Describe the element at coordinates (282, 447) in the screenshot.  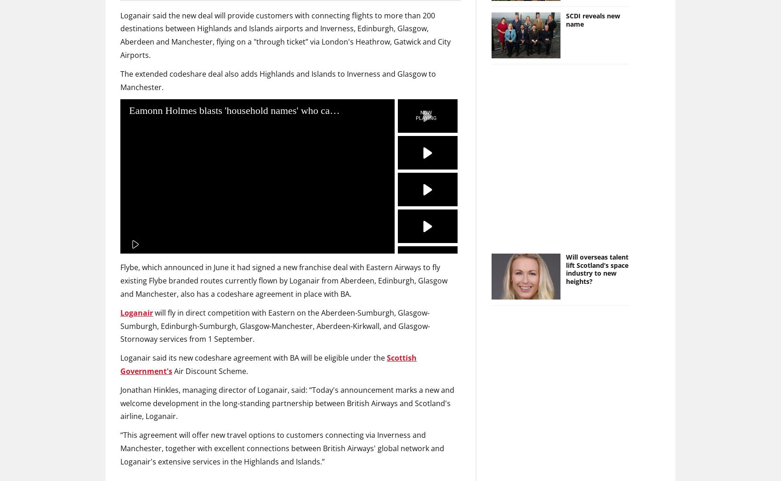
I see `'“This agreement will offer new travel options to customers connecting via Inverness and Manchester, together with excellent connections between British Airways' global network and Loganair's extensive services in the Highlands and Islands.”'` at that location.